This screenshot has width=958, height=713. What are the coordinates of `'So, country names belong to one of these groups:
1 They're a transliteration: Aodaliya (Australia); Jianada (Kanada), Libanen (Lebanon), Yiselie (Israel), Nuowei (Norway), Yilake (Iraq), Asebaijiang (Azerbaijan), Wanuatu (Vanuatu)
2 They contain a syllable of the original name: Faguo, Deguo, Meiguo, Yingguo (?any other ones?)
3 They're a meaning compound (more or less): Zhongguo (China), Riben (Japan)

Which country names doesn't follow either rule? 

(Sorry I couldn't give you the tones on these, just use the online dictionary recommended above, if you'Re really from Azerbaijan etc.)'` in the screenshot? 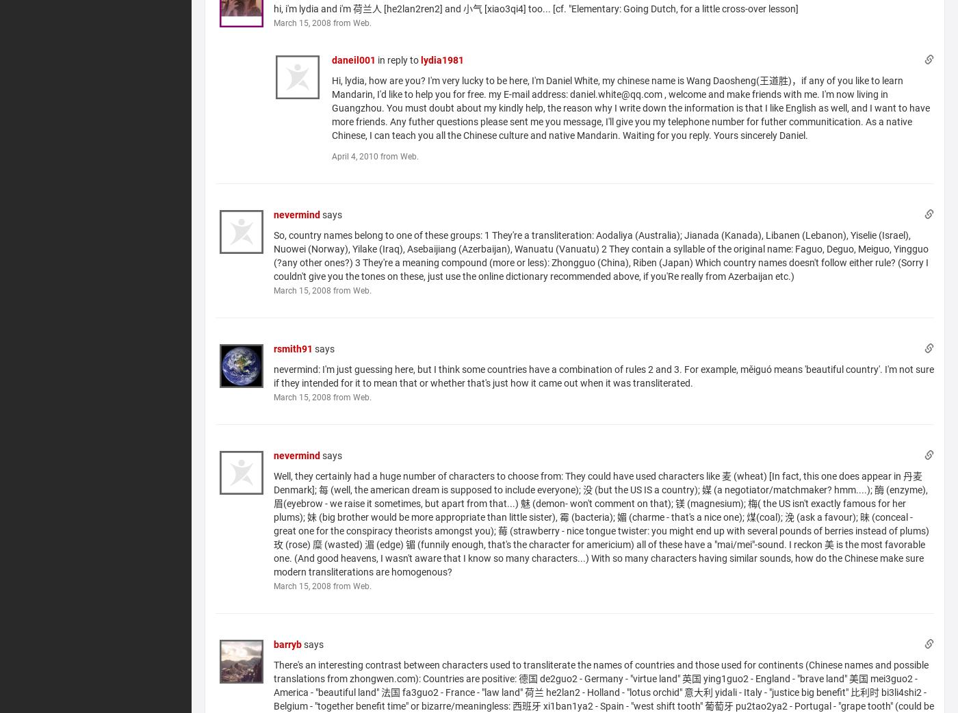 It's located at (601, 255).